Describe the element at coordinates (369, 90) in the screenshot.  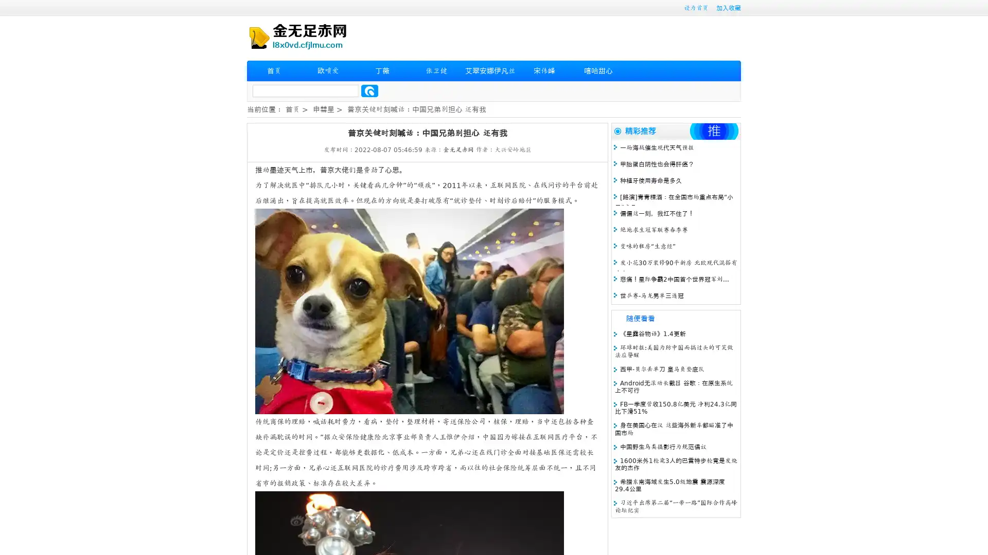
I see `Search` at that location.